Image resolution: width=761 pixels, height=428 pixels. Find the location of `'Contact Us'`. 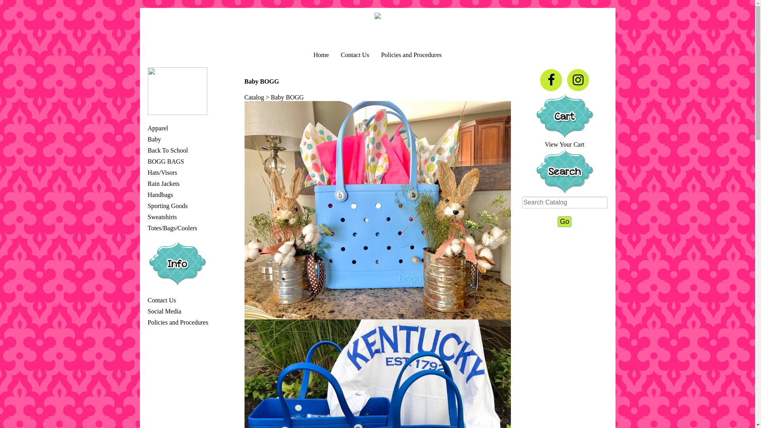

'Contact Us' is located at coordinates (340, 54).